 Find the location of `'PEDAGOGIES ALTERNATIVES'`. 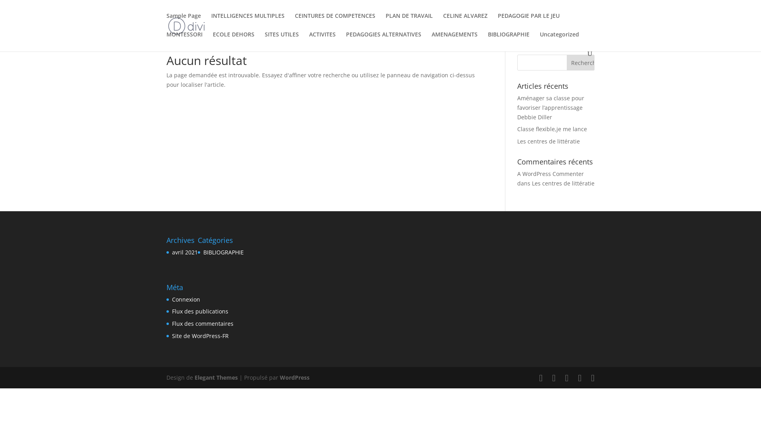

'PEDAGOGIES ALTERNATIVES' is located at coordinates (346, 41).